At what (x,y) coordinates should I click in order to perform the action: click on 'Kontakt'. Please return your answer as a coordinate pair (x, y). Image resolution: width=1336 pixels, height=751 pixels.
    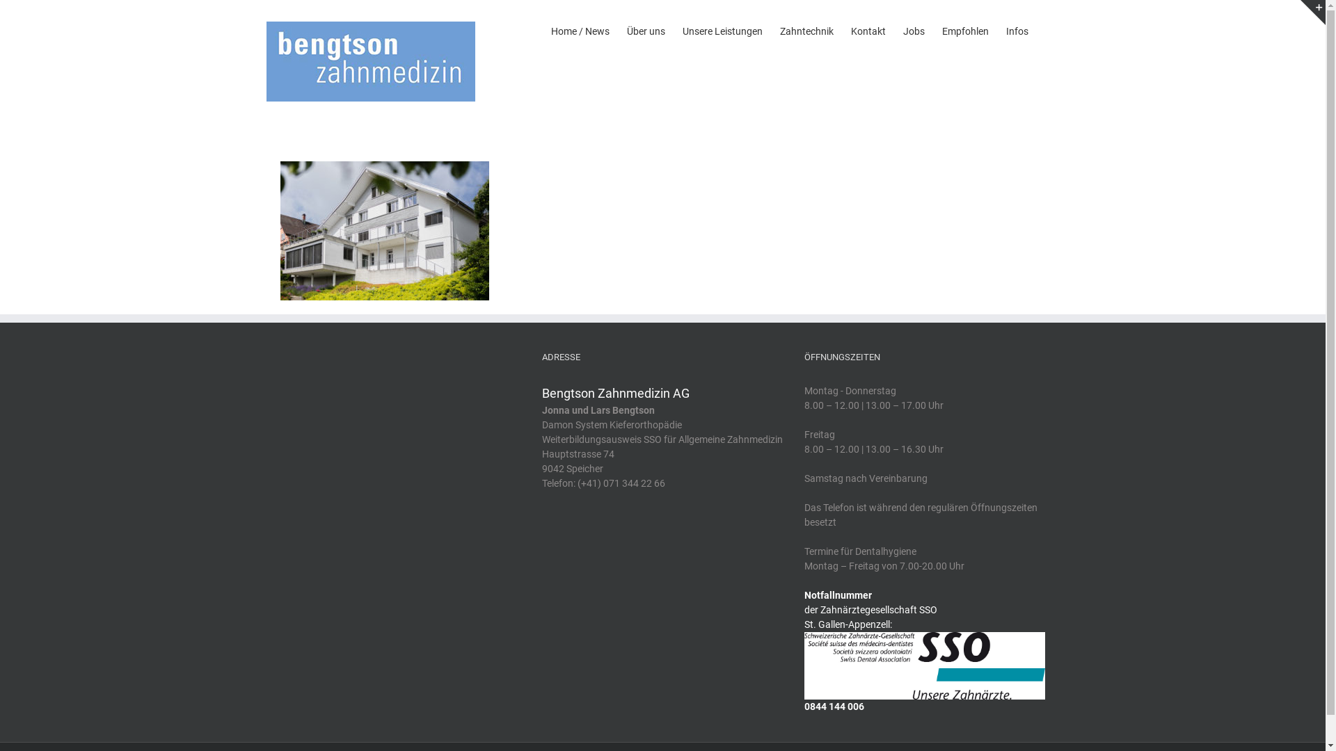
    Looking at the image, I should click on (867, 29).